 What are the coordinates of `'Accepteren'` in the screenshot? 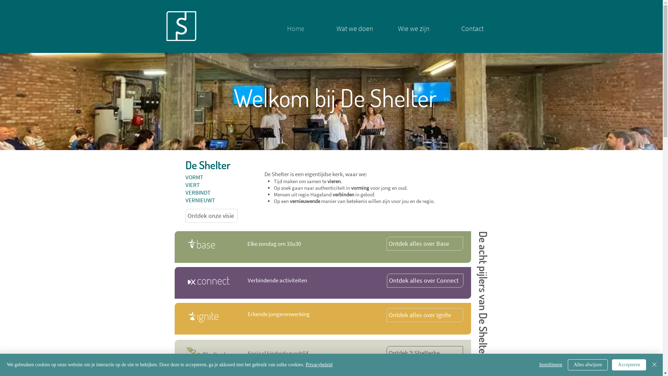 It's located at (629, 365).